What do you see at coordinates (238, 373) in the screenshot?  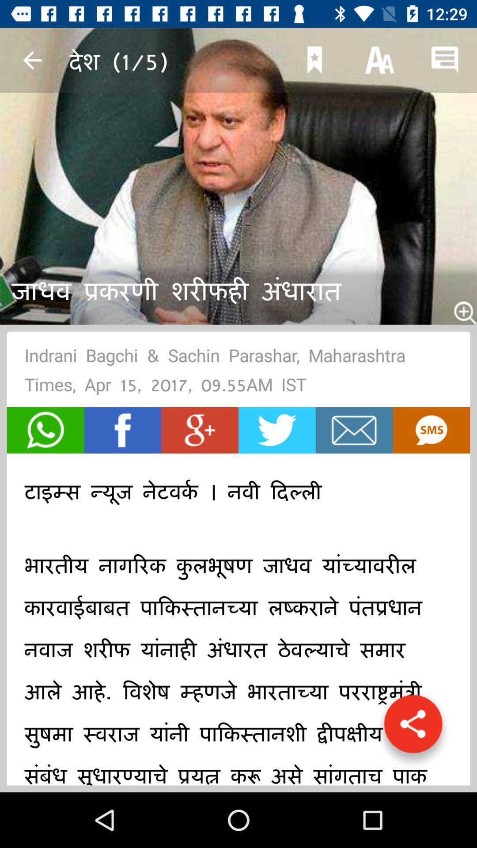 I see `the indrani bagchi sachin icon` at bounding box center [238, 373].